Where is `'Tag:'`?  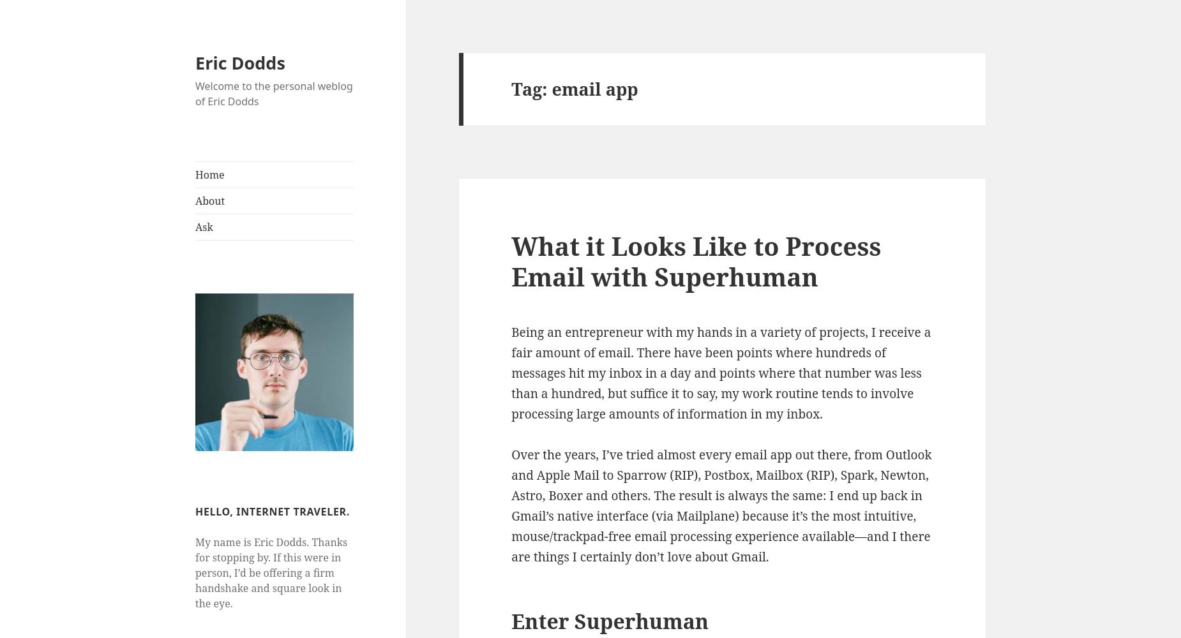
'Tag:' is located at coordinates (531, 88).